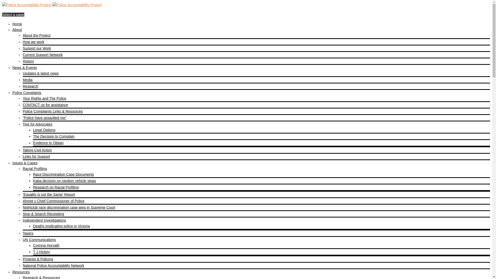 The image size is (496, 279). I want to click on 'National Police Accountability Network', so click(53, 266).